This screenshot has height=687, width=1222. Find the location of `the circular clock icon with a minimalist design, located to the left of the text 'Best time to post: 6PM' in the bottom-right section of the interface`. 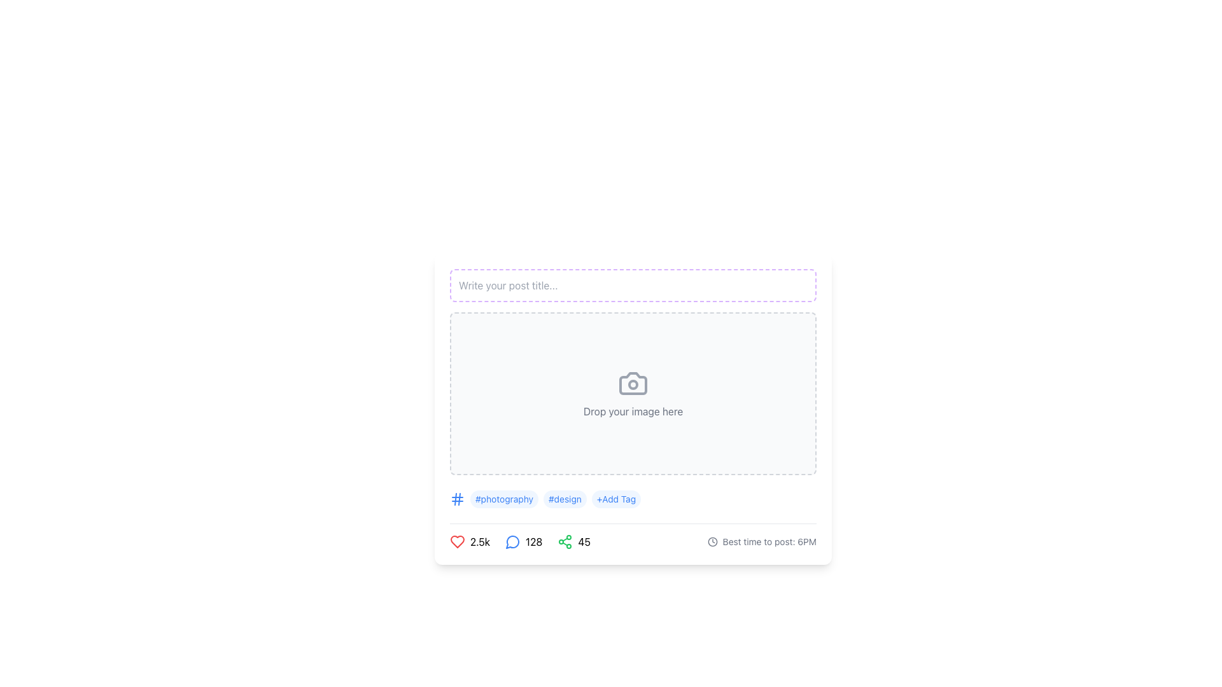

the circular clock icon with a minimalist design, located to the left of the text 'Best time to post: 6PM' in the bottom-right section of the interface is located at coordinates (712, 542).